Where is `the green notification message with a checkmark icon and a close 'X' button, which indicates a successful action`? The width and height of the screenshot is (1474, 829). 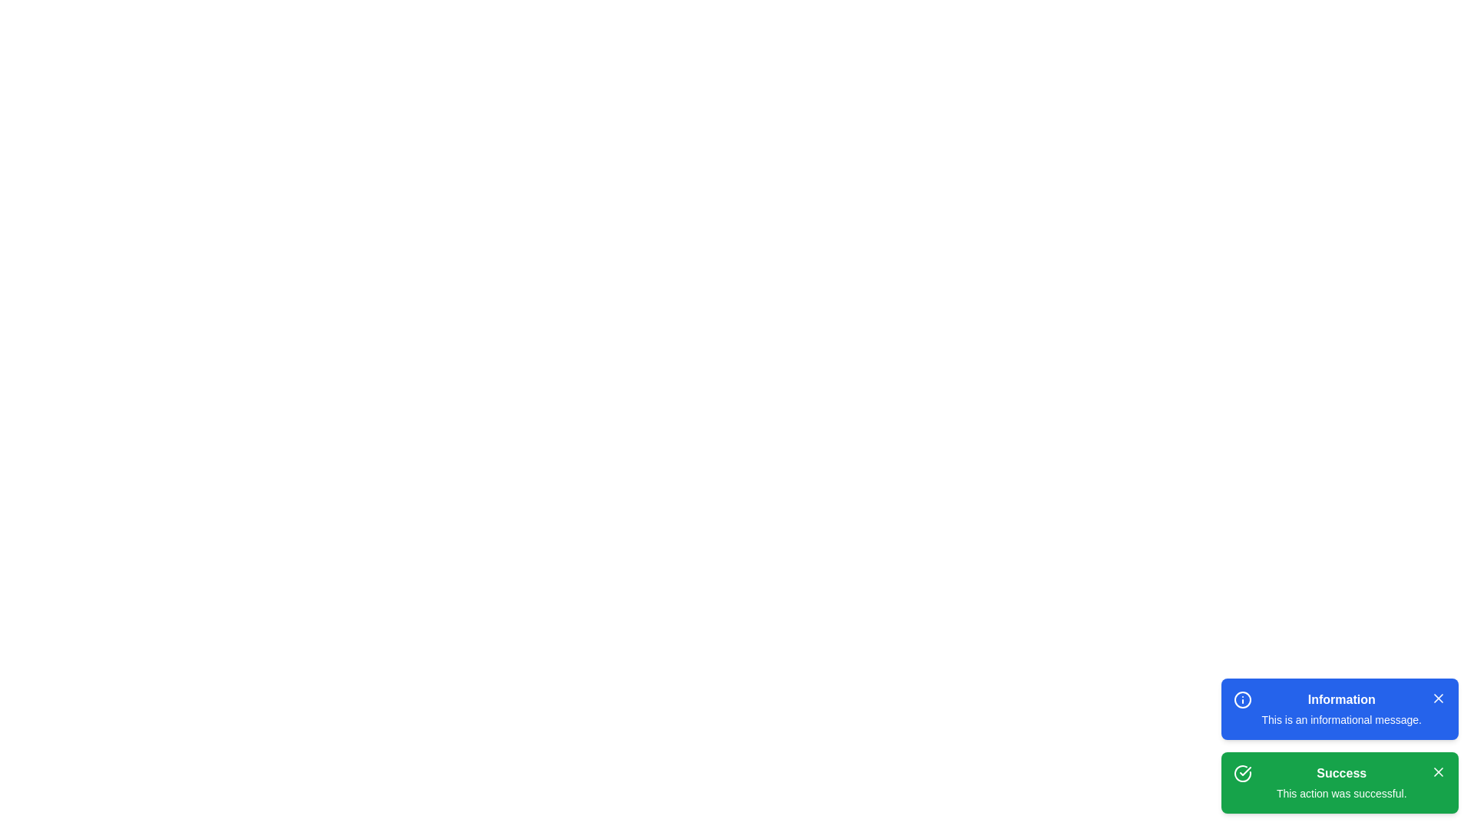 the green notification message with a checkmark icon and a close 'X' button, which indicates a successful action is located at coordinates (1339, 782).